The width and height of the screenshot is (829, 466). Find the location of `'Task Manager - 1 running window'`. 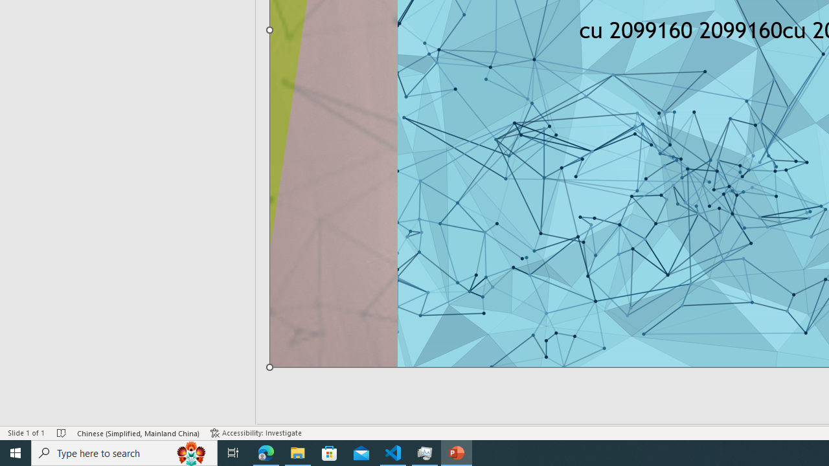

'Task Manager - 1 running window' is located at coordinates (425, 452).